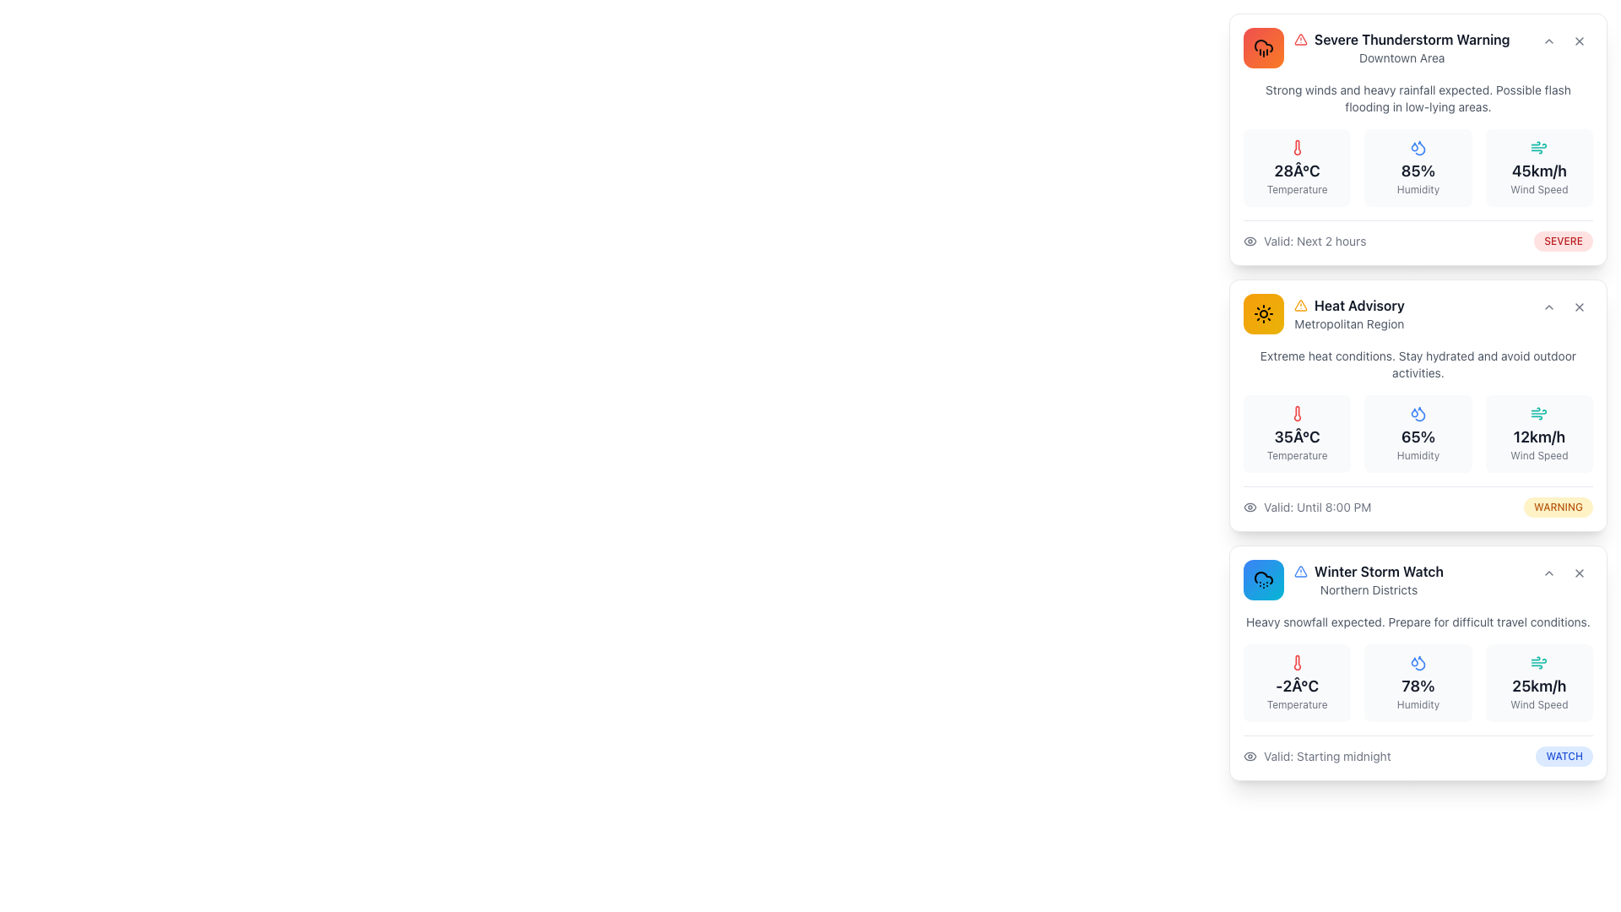 This screenshot has height=912, width=1621. I want to click on the text element displaying the message 'Extreme heat conditions. Stay hydrated and avoid outdoor activities.' which is centrally aligned in the 'Heat Advisory' card, so click(1418, 364).